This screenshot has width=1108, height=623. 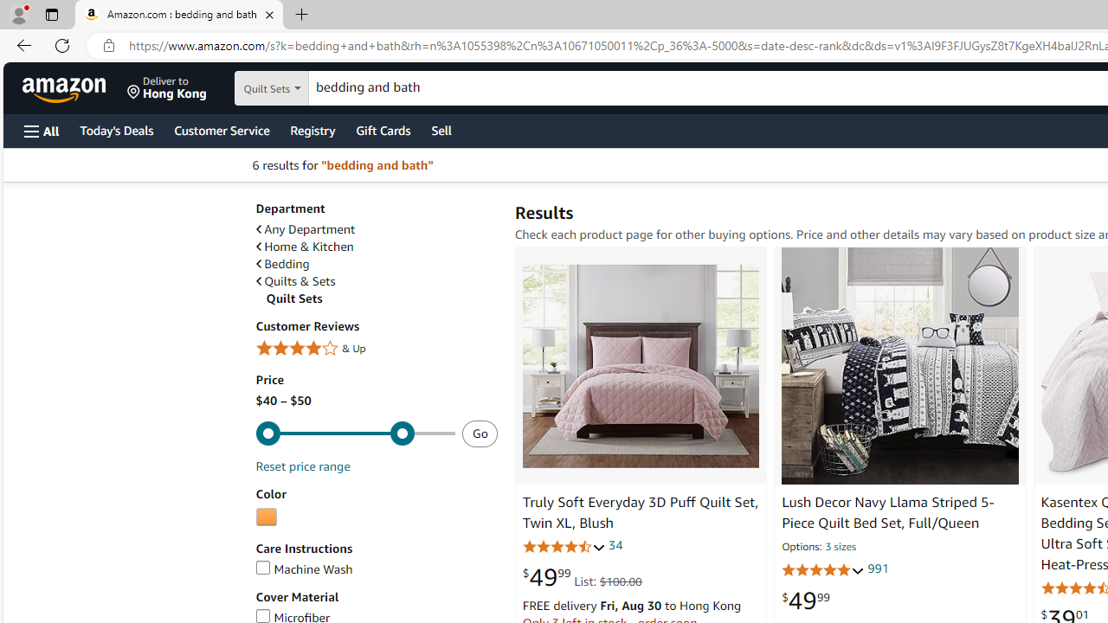 I want to click on 'Bedding', so click(x=282, y=264).